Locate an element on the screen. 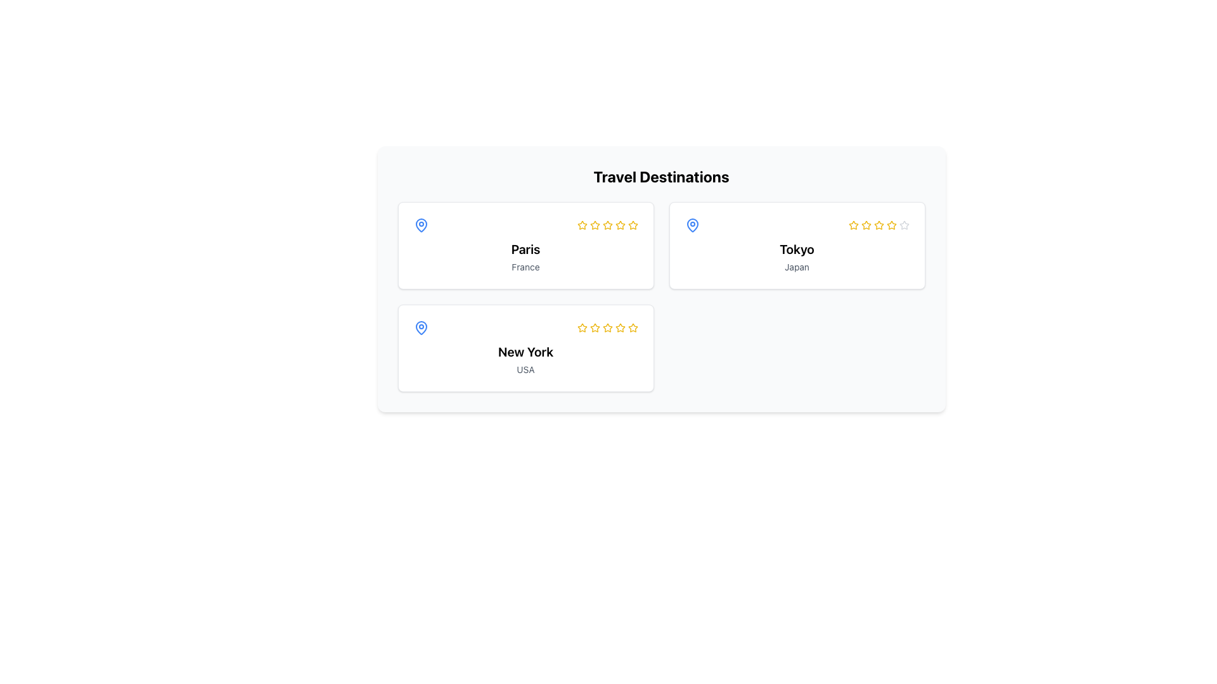 This screenshot has width=1217, height=684. the third star icon in the rating system for the 'Tokyo' travel destination, located in the top-right corner of the layout is located at coordinates (878, 224).